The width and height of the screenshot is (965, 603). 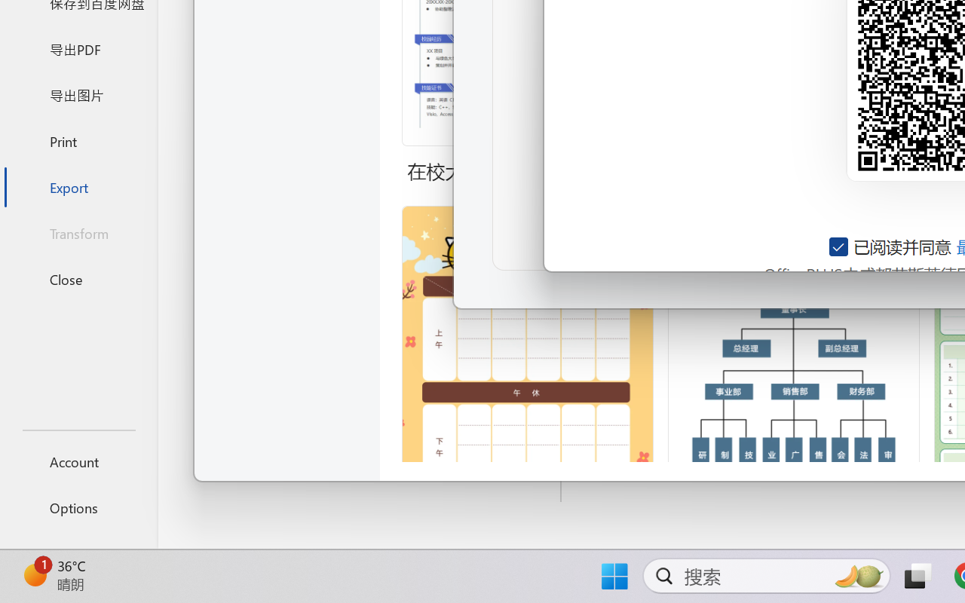 I want to click on 'Account', so click(x=78, y=461).